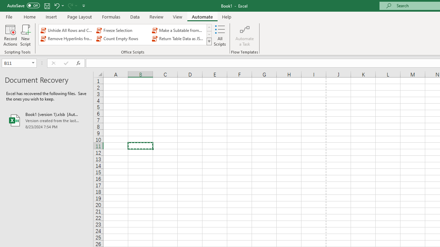 This screenshot has height=247, width=440. What do you see at coordinates (220, 35) in the screenshot?
I see `'All Scripts'` at bounding box center [220, 35].